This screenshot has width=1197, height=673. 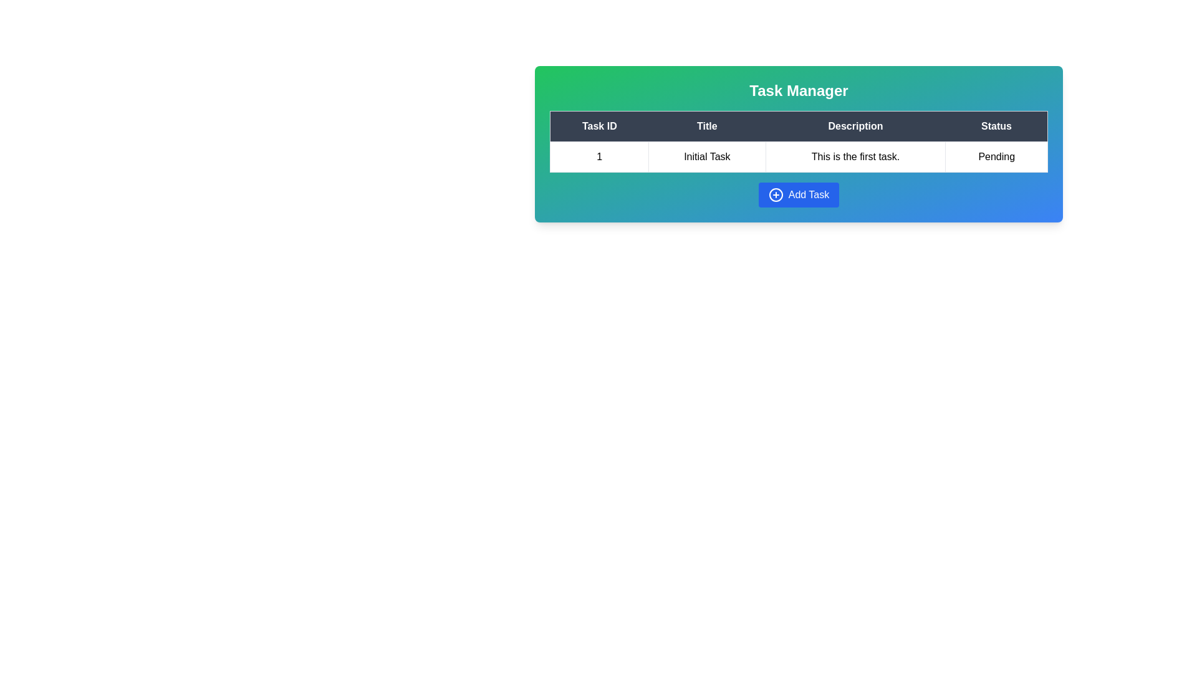 What do you see at coordinates (599, 156) in the screenshot?
I see `the row corresponding to task ID 1 to view its details` at bounding box center [599, 156].